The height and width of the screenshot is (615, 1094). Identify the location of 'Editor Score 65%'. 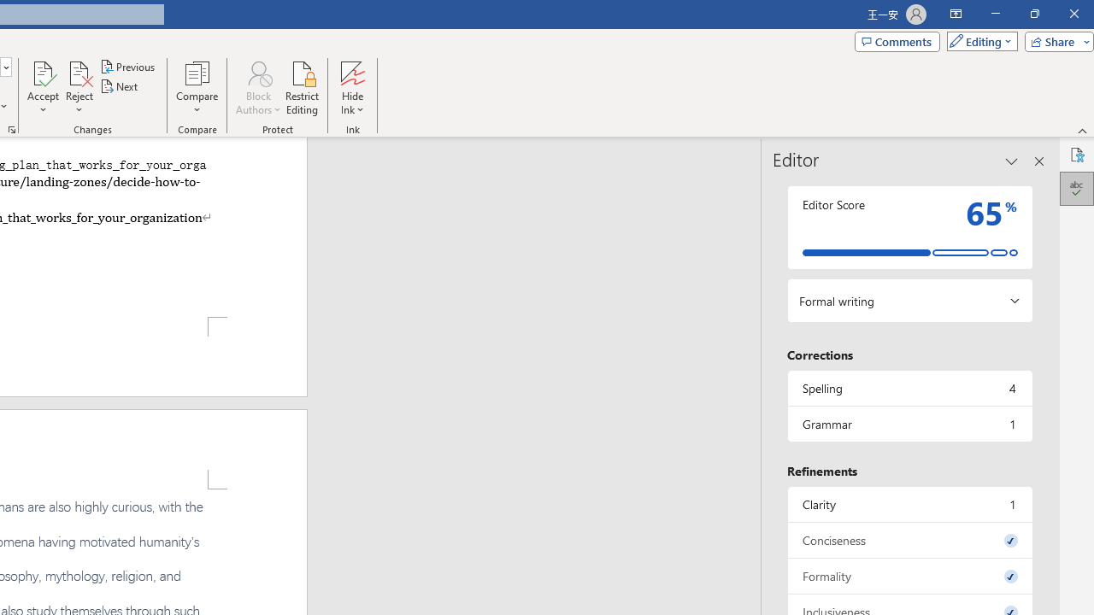
(909, 226).